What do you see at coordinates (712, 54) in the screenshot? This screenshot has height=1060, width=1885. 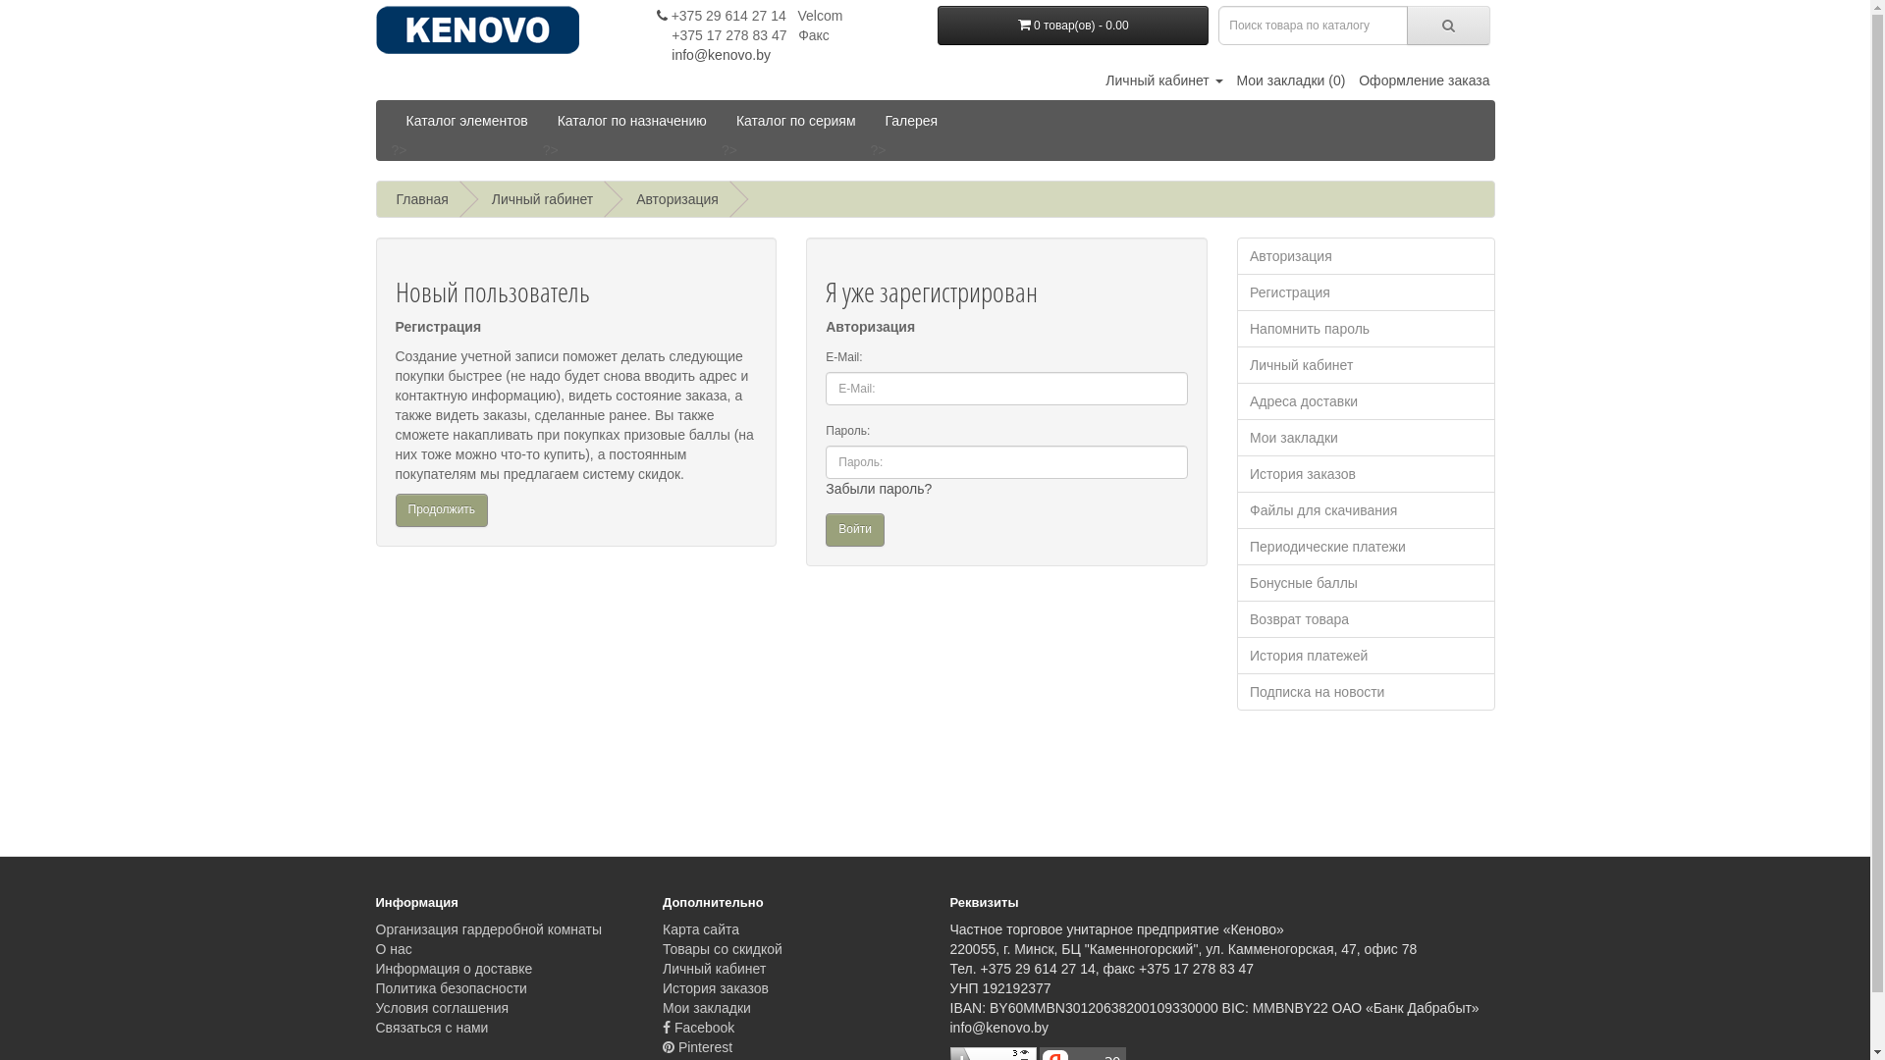 I see `'    info@kenovo.by'` at bounding box center [712, 54].